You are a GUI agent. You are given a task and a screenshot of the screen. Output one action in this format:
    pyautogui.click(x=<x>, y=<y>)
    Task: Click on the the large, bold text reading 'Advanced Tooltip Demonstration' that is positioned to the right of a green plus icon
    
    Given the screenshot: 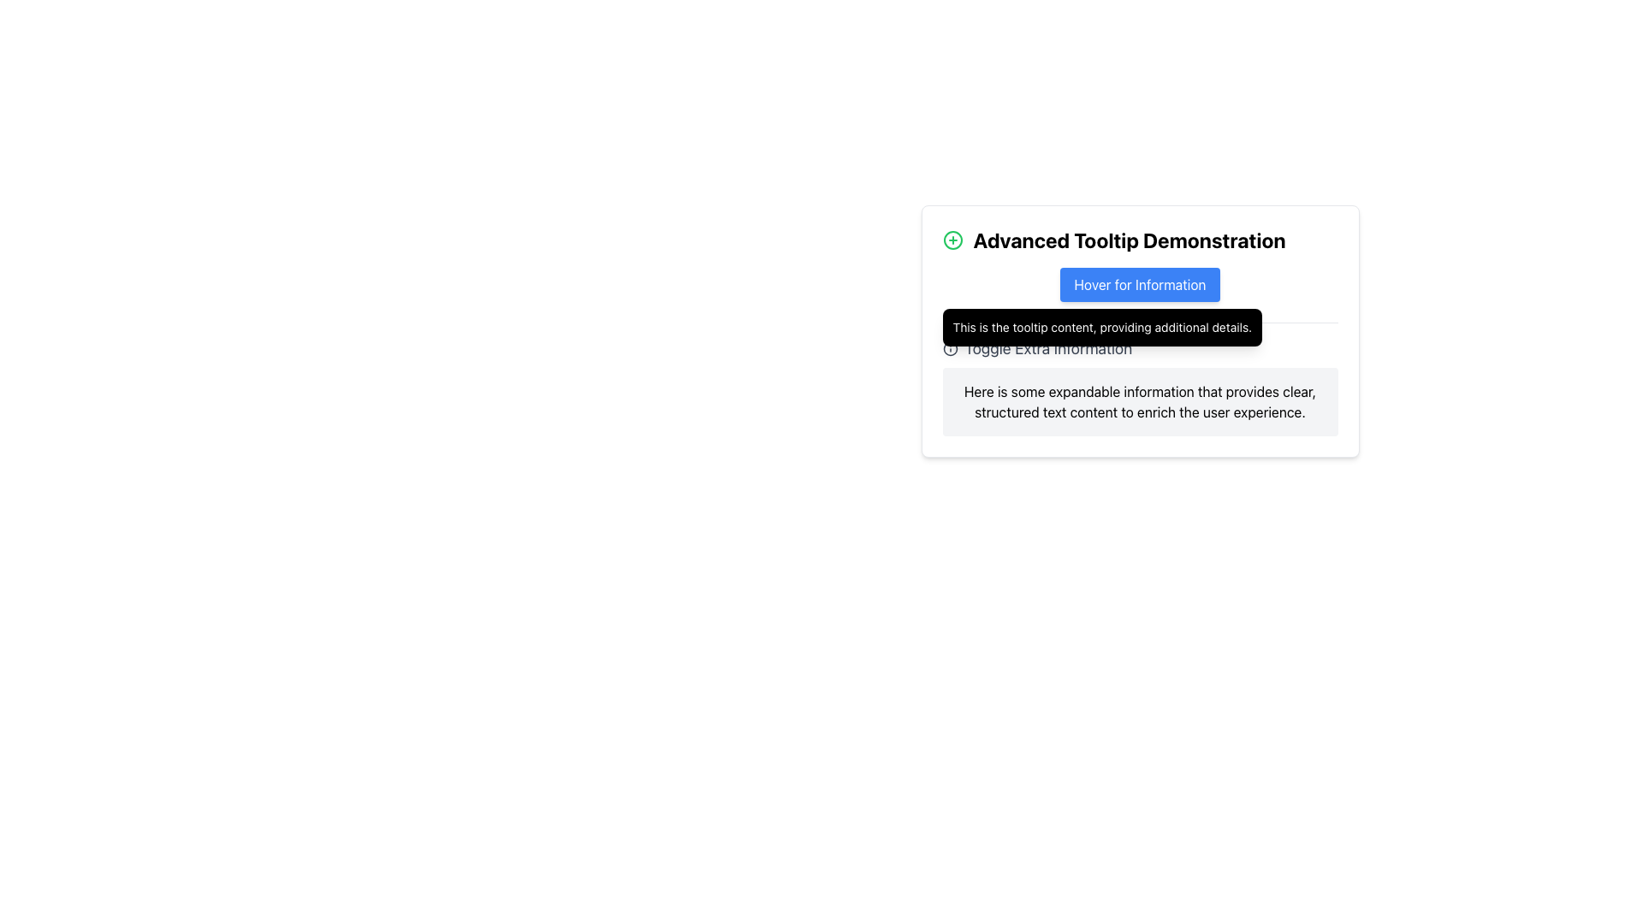 What is the action you would take?
    pyautogui.click(x=1130, y=240)
    